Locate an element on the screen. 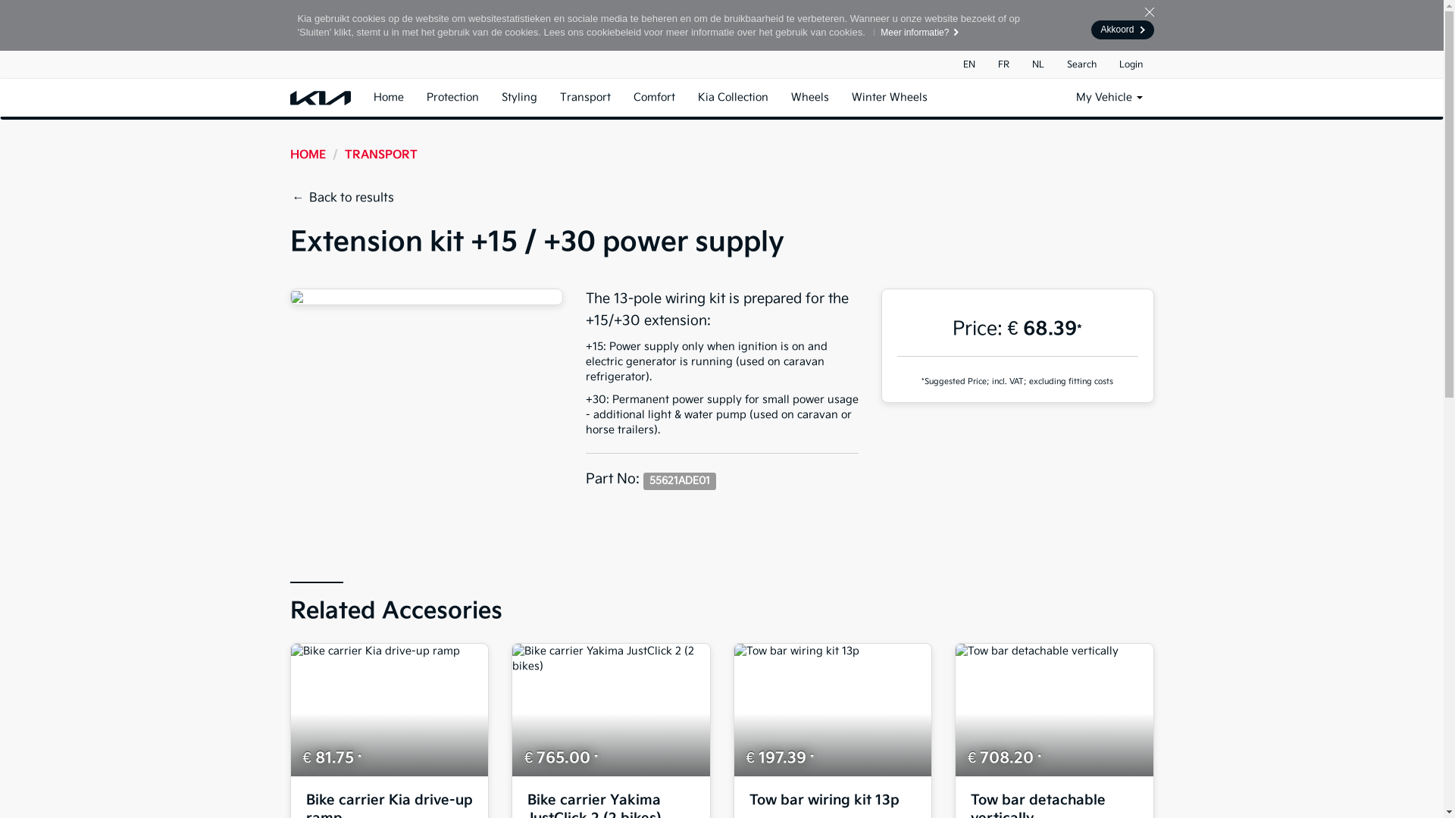 This screenshot has width=1455, height=818. 'Wheels' is located at coordinates (808, 97).